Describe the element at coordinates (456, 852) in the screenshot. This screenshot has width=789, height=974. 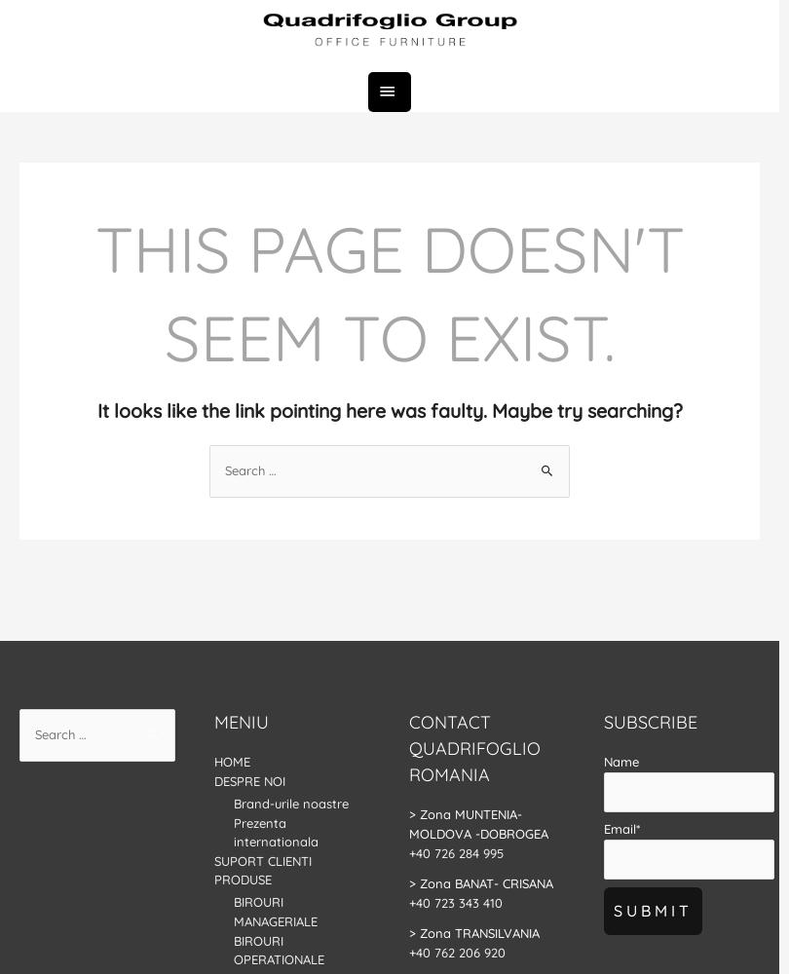
I see `'+40 726 284 995'` at that location.